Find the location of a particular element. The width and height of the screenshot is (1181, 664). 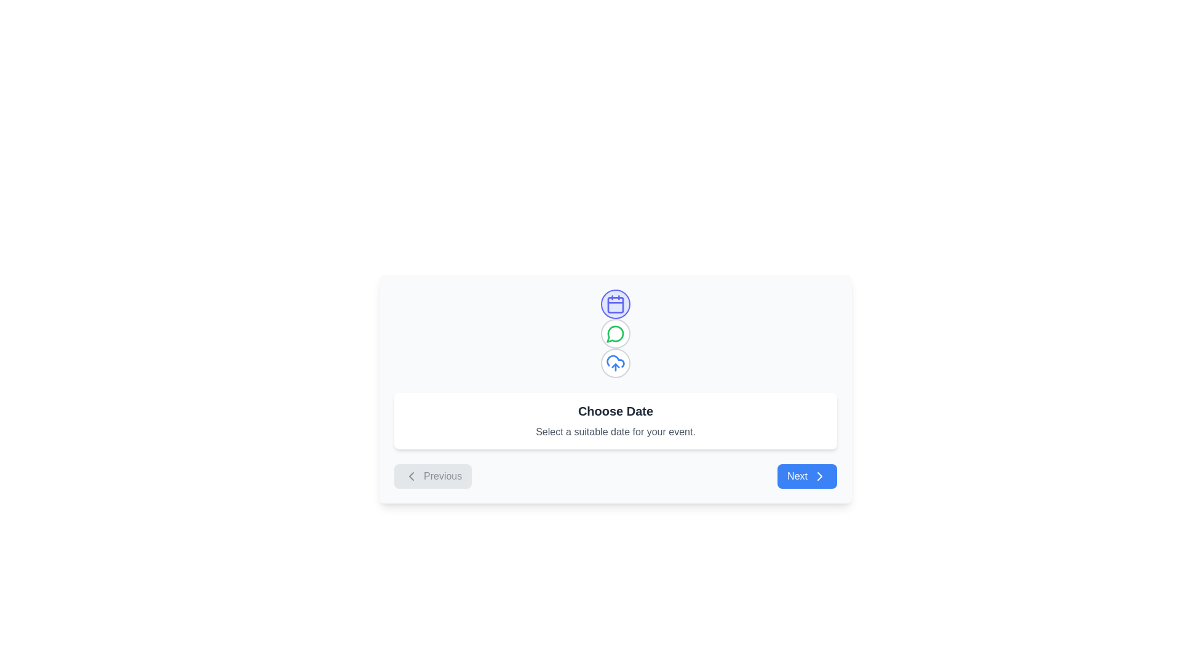

the middle circular button in the vertical stack is located at coordinates (616, 334).